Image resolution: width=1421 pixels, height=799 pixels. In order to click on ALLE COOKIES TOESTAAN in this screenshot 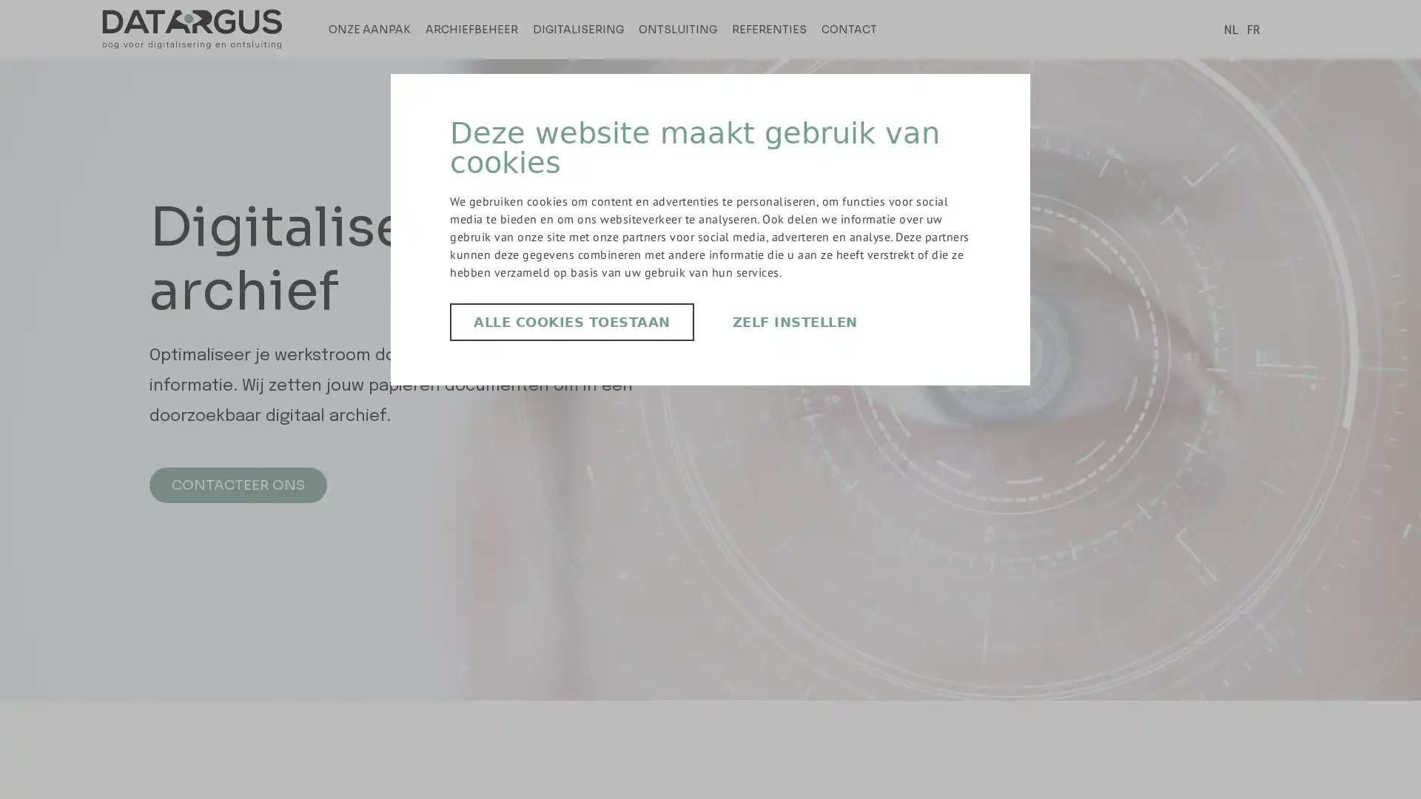, I will do `click(571, 321)`.